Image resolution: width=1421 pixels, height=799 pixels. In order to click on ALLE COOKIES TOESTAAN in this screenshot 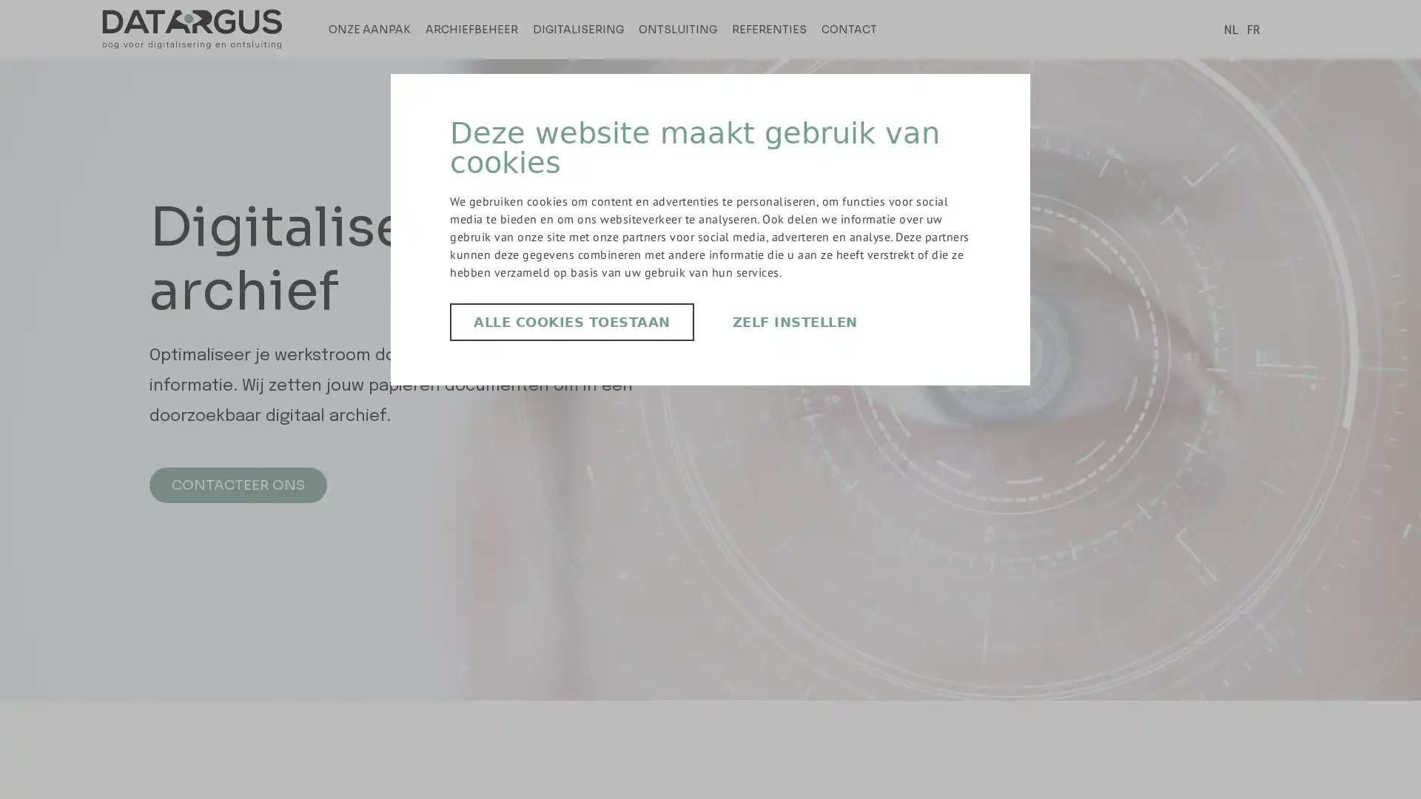, I will do `click(571, 321)`.